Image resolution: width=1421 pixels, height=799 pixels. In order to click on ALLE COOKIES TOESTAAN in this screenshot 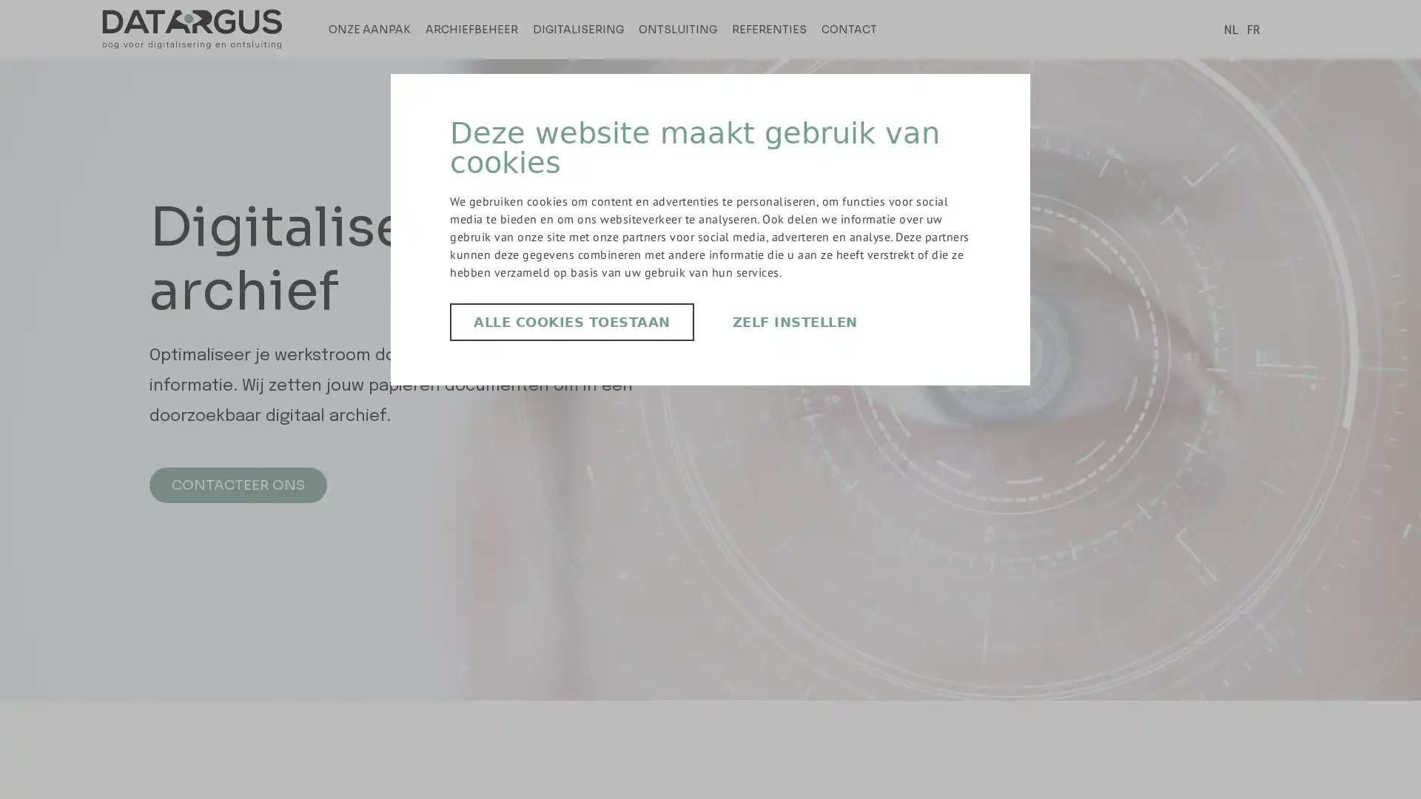, I will do `click(571, 321)`.